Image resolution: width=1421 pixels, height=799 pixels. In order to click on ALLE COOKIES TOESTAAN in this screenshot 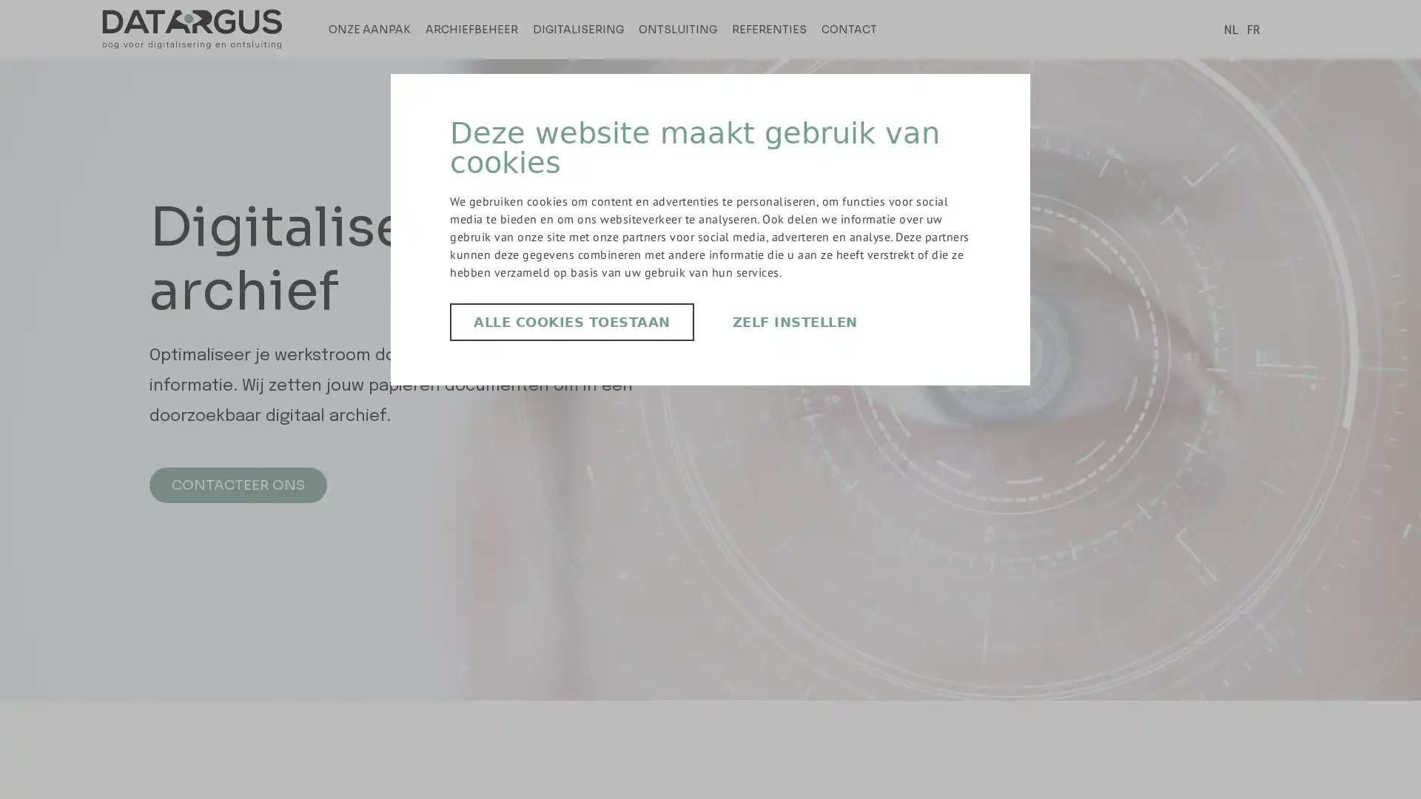, I will do `click(571, 321)`.